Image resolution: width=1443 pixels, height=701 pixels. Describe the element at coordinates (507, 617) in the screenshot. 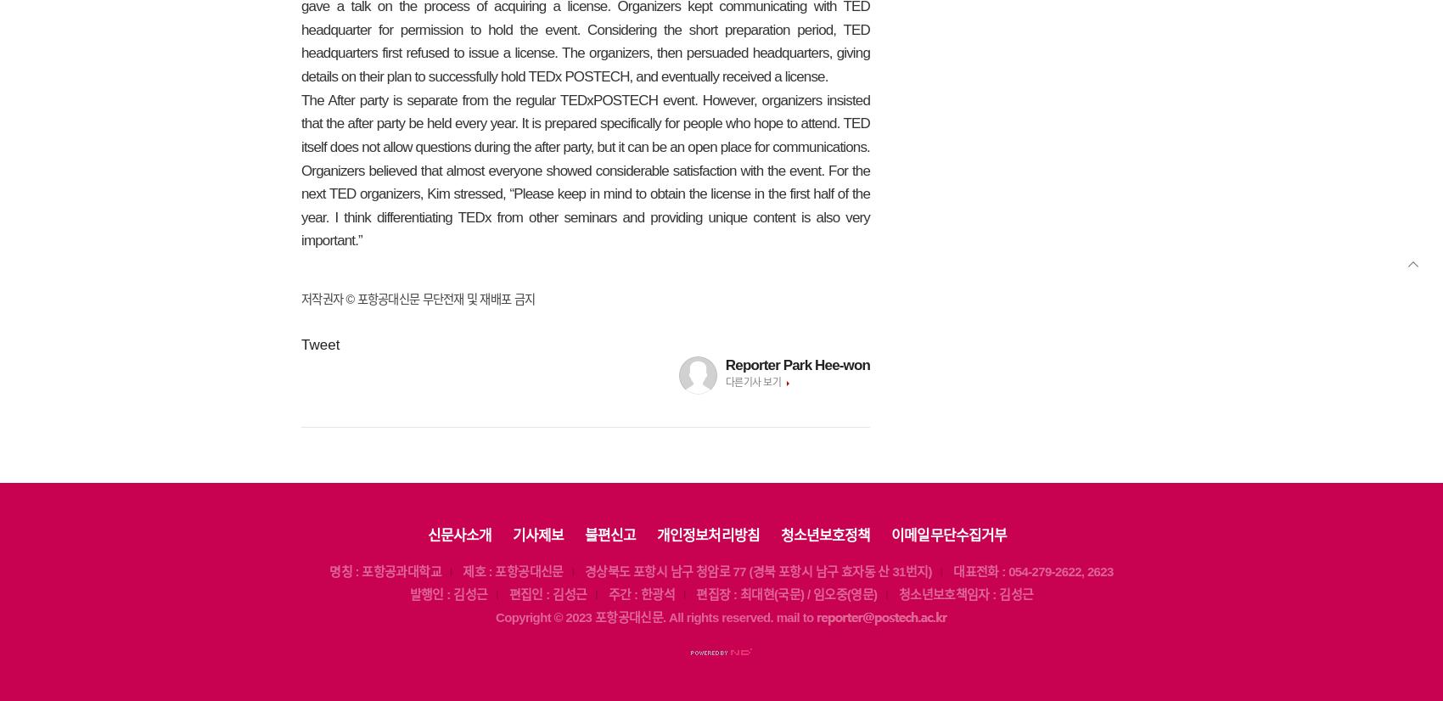

I see `'o'` at that location.